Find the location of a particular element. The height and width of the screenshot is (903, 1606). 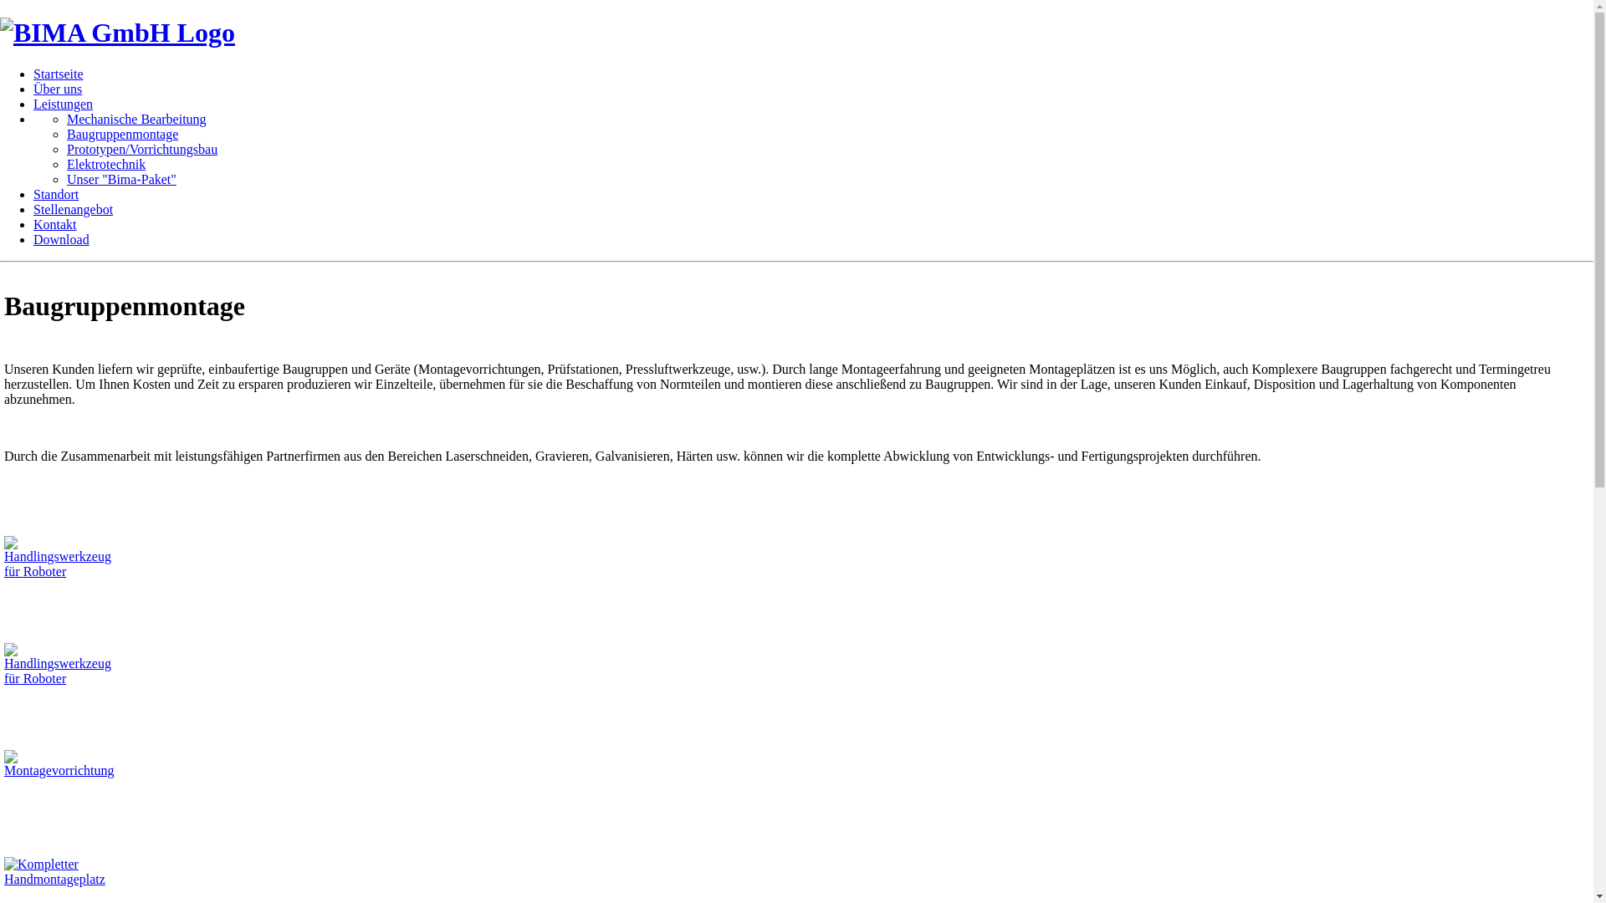

'Download' is located at coordinates (61, 239).